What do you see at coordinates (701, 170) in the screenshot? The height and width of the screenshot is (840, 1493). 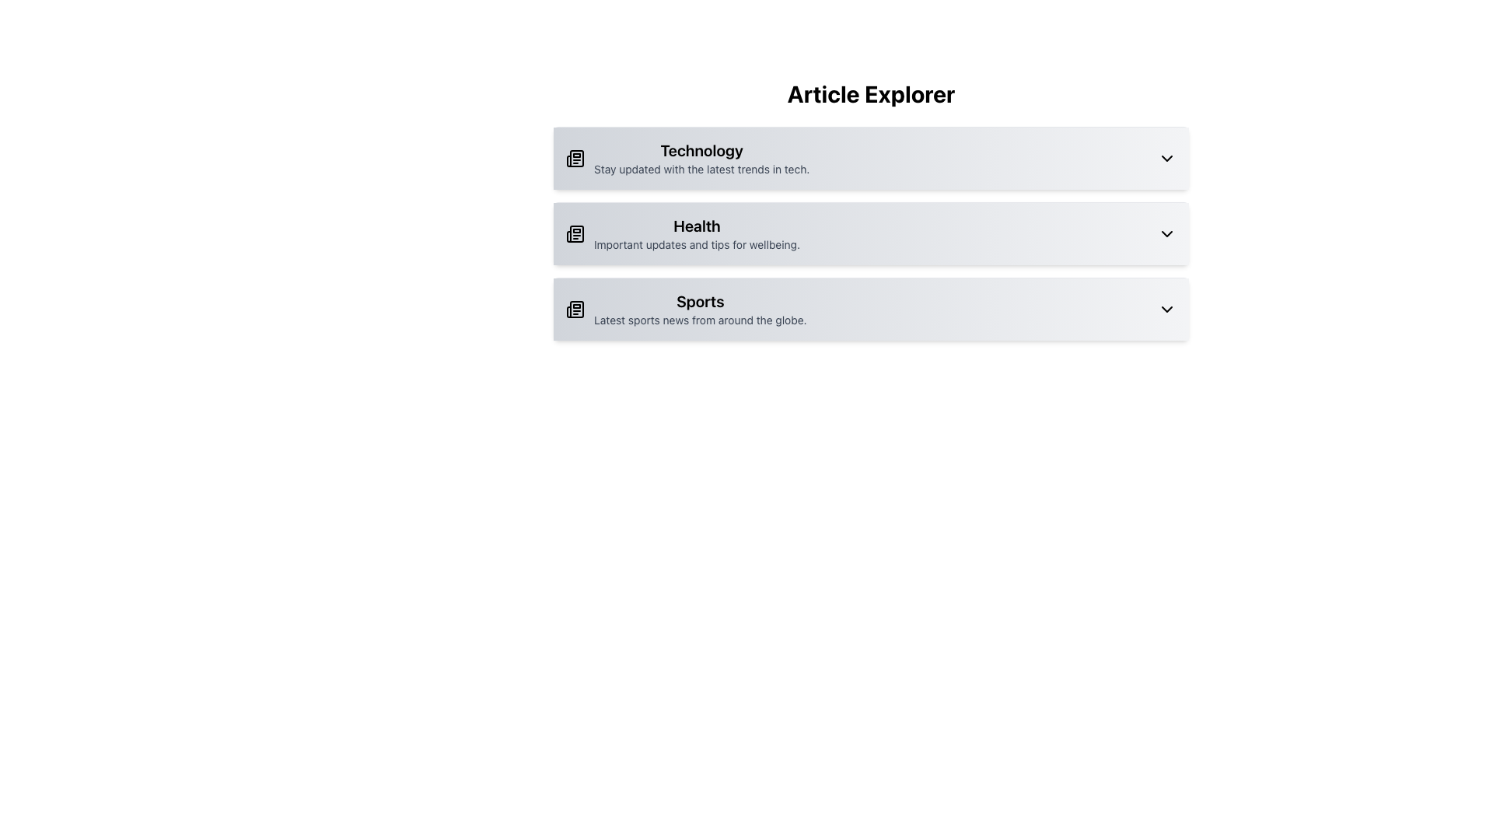 I see `the text component displaying 'Stay updated with the latest trends in tech.' located below the heading 'Technology' in the 'Article Explorer' section` at bounding box center [701, 170].